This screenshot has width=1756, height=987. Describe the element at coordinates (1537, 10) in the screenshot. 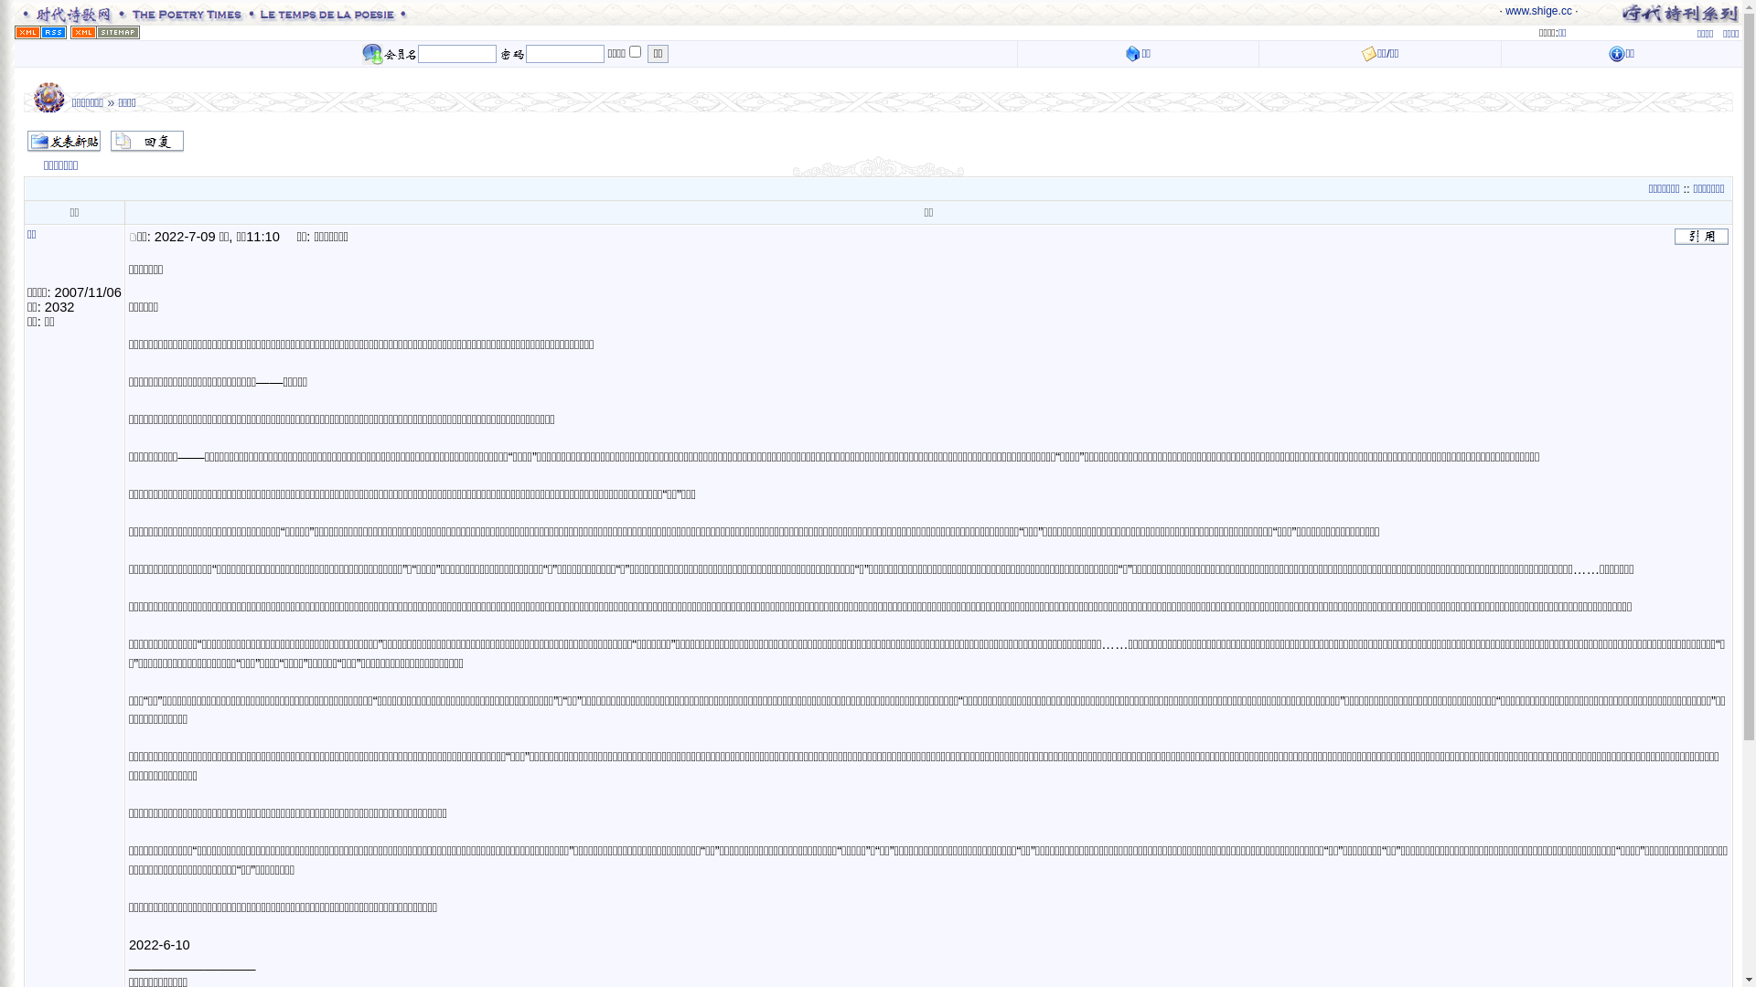

I see `'www.shige.cc'` at that location.